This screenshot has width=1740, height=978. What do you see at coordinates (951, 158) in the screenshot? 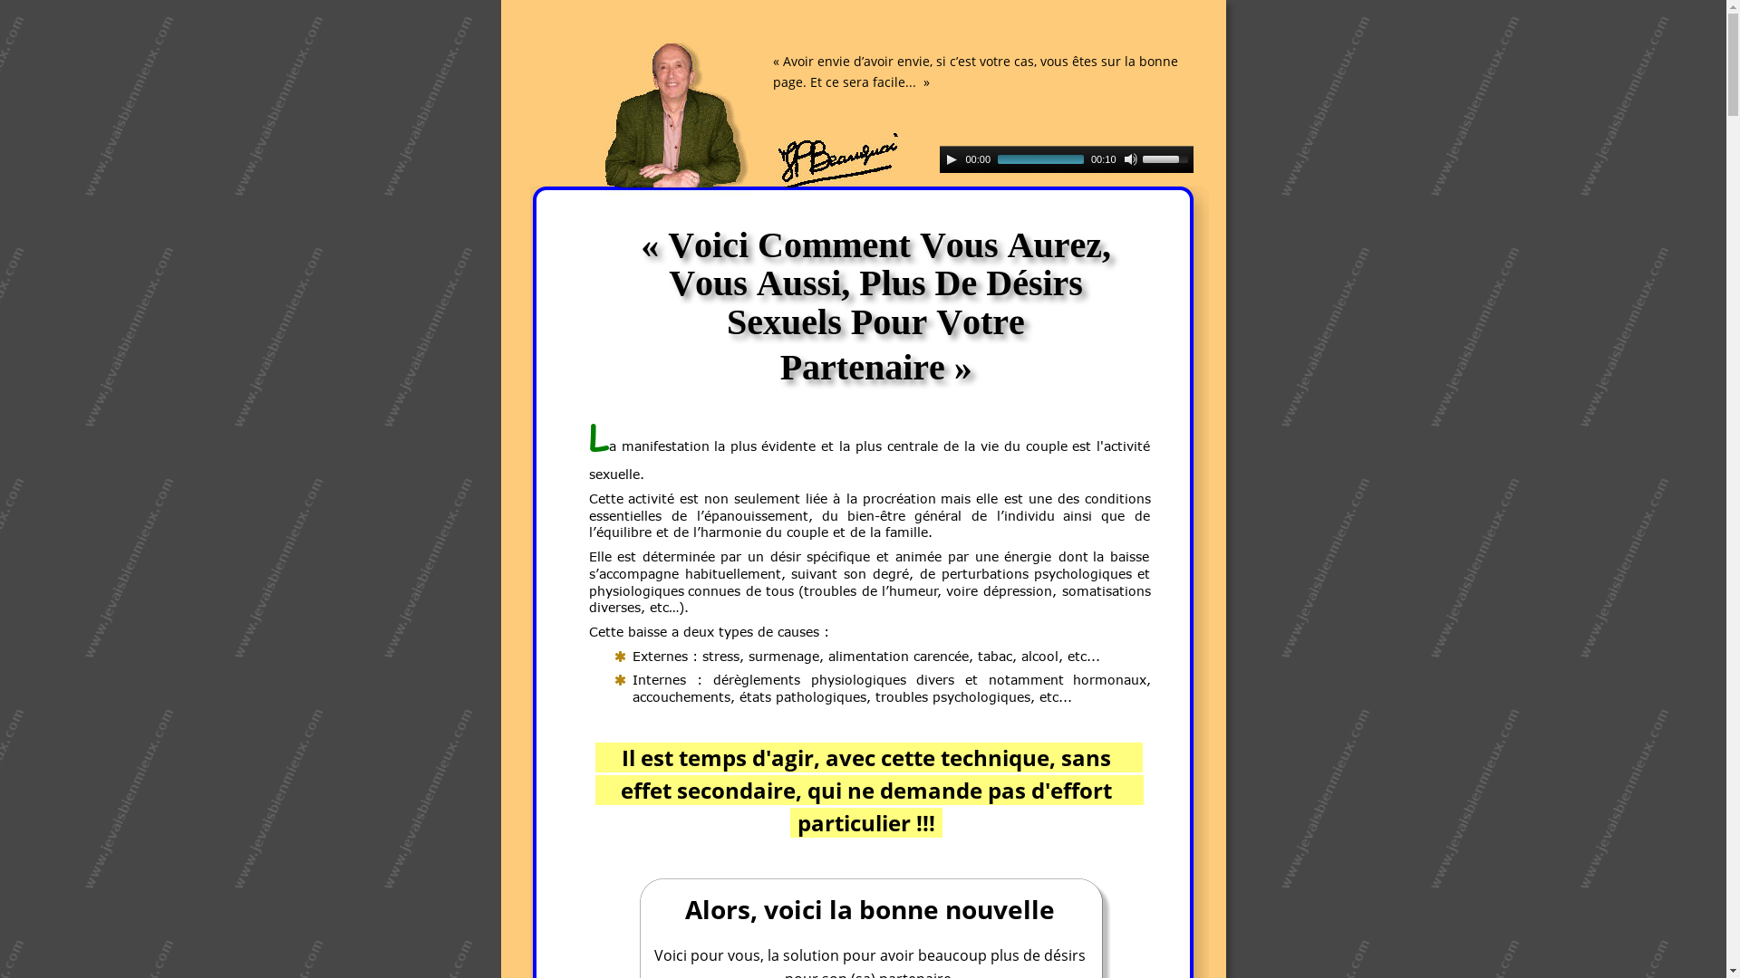
I see `'Play'` at bounding box center [951, 158].